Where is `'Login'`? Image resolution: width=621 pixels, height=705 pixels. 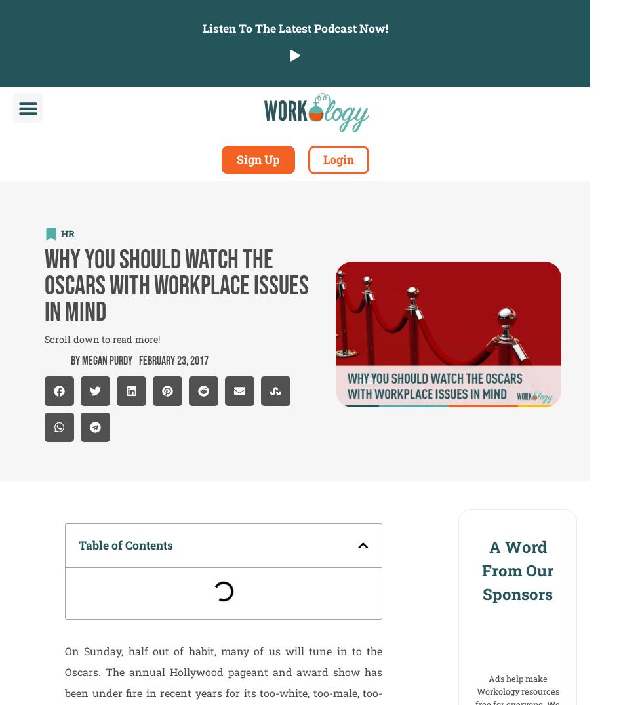 'Login' is located at coordinates (337, 159).